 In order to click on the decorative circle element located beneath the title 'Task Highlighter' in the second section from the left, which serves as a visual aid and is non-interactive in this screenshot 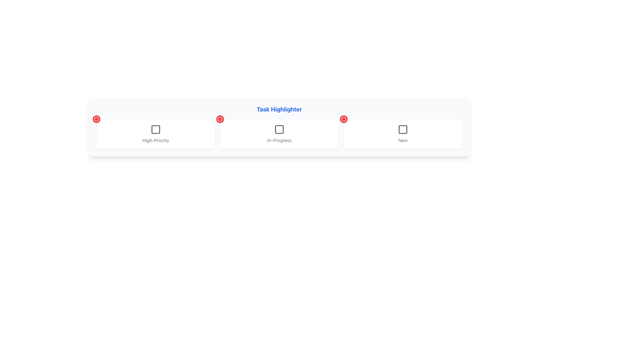, I will do `click(220, 119)`.